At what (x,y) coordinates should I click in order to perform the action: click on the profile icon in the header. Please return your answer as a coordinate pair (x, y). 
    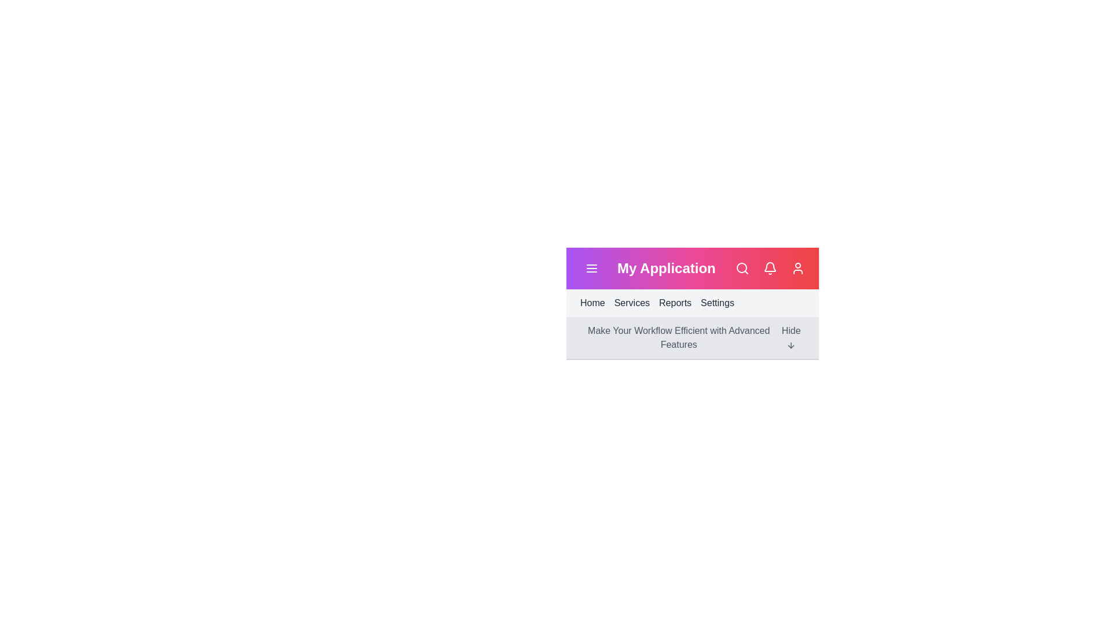
    Looking at the image, I should click on (797, 268).